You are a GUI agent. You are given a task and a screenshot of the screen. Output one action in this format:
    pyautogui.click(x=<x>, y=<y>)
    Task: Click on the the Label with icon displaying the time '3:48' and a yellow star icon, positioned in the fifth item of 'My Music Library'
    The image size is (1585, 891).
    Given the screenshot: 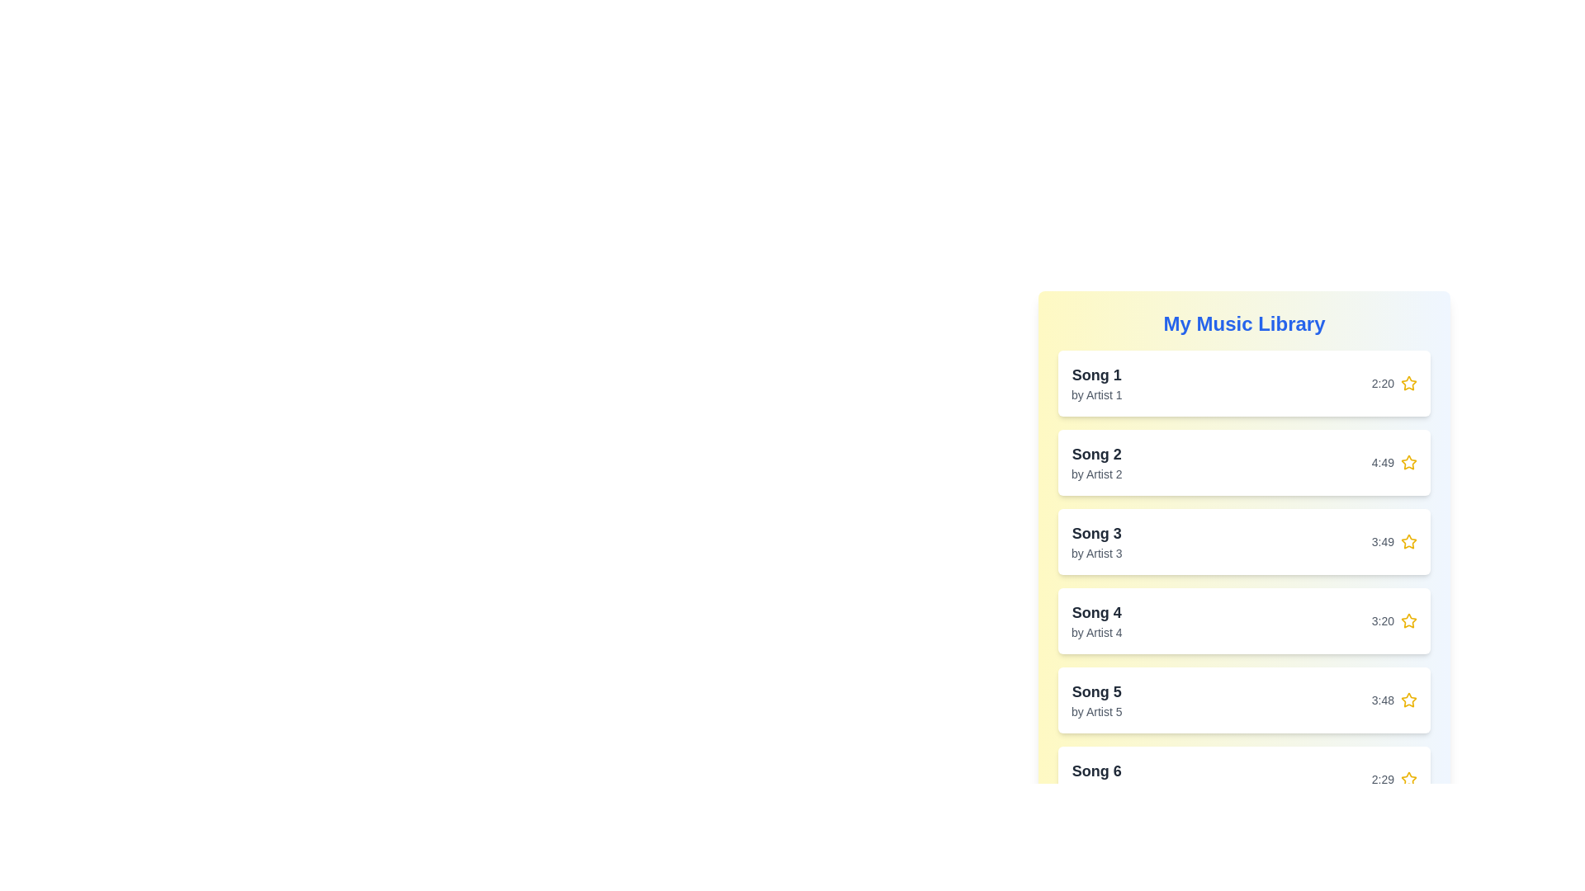 What is the action you would take?
    pyautogui.click(x=1393, y=700)
    